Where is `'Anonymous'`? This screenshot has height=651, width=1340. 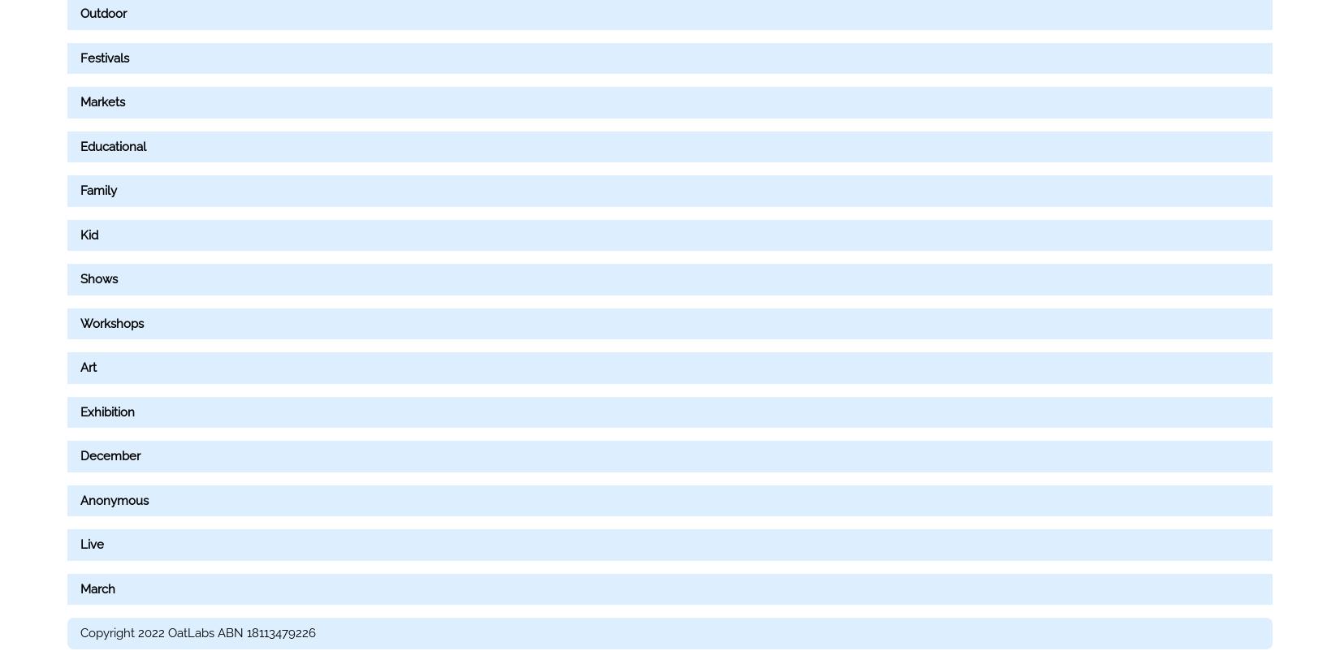
'Anonymous' is located at coordinates (115, 499).